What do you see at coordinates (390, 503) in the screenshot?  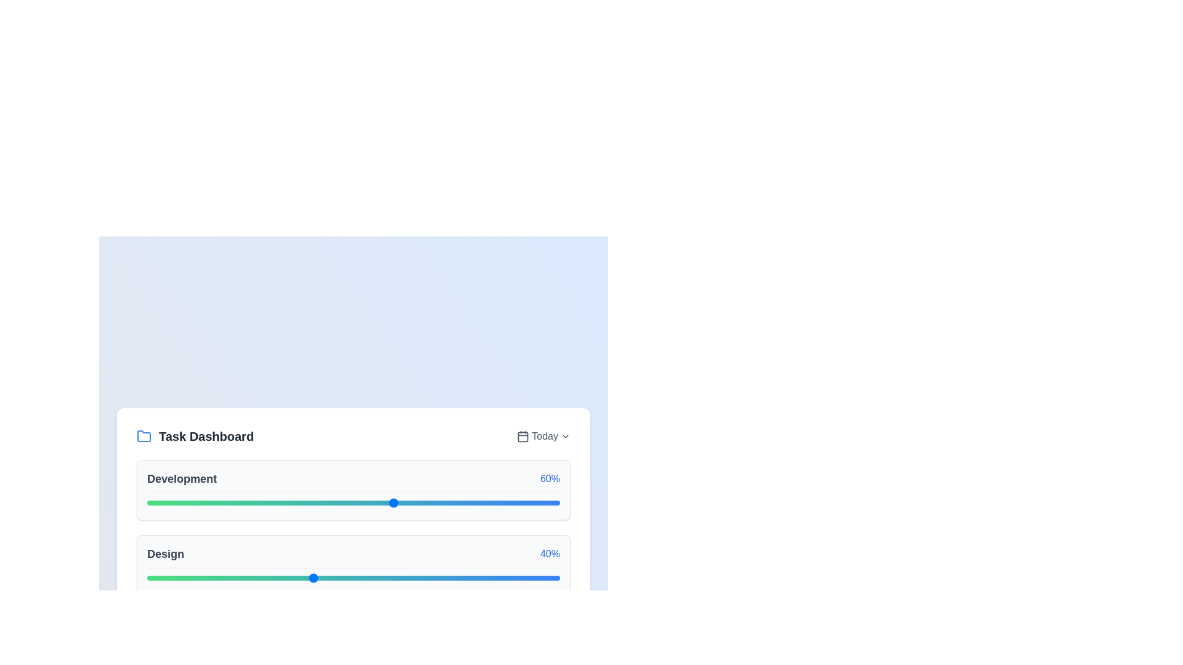 I see `the development progress` at bounding box center [390, 503].